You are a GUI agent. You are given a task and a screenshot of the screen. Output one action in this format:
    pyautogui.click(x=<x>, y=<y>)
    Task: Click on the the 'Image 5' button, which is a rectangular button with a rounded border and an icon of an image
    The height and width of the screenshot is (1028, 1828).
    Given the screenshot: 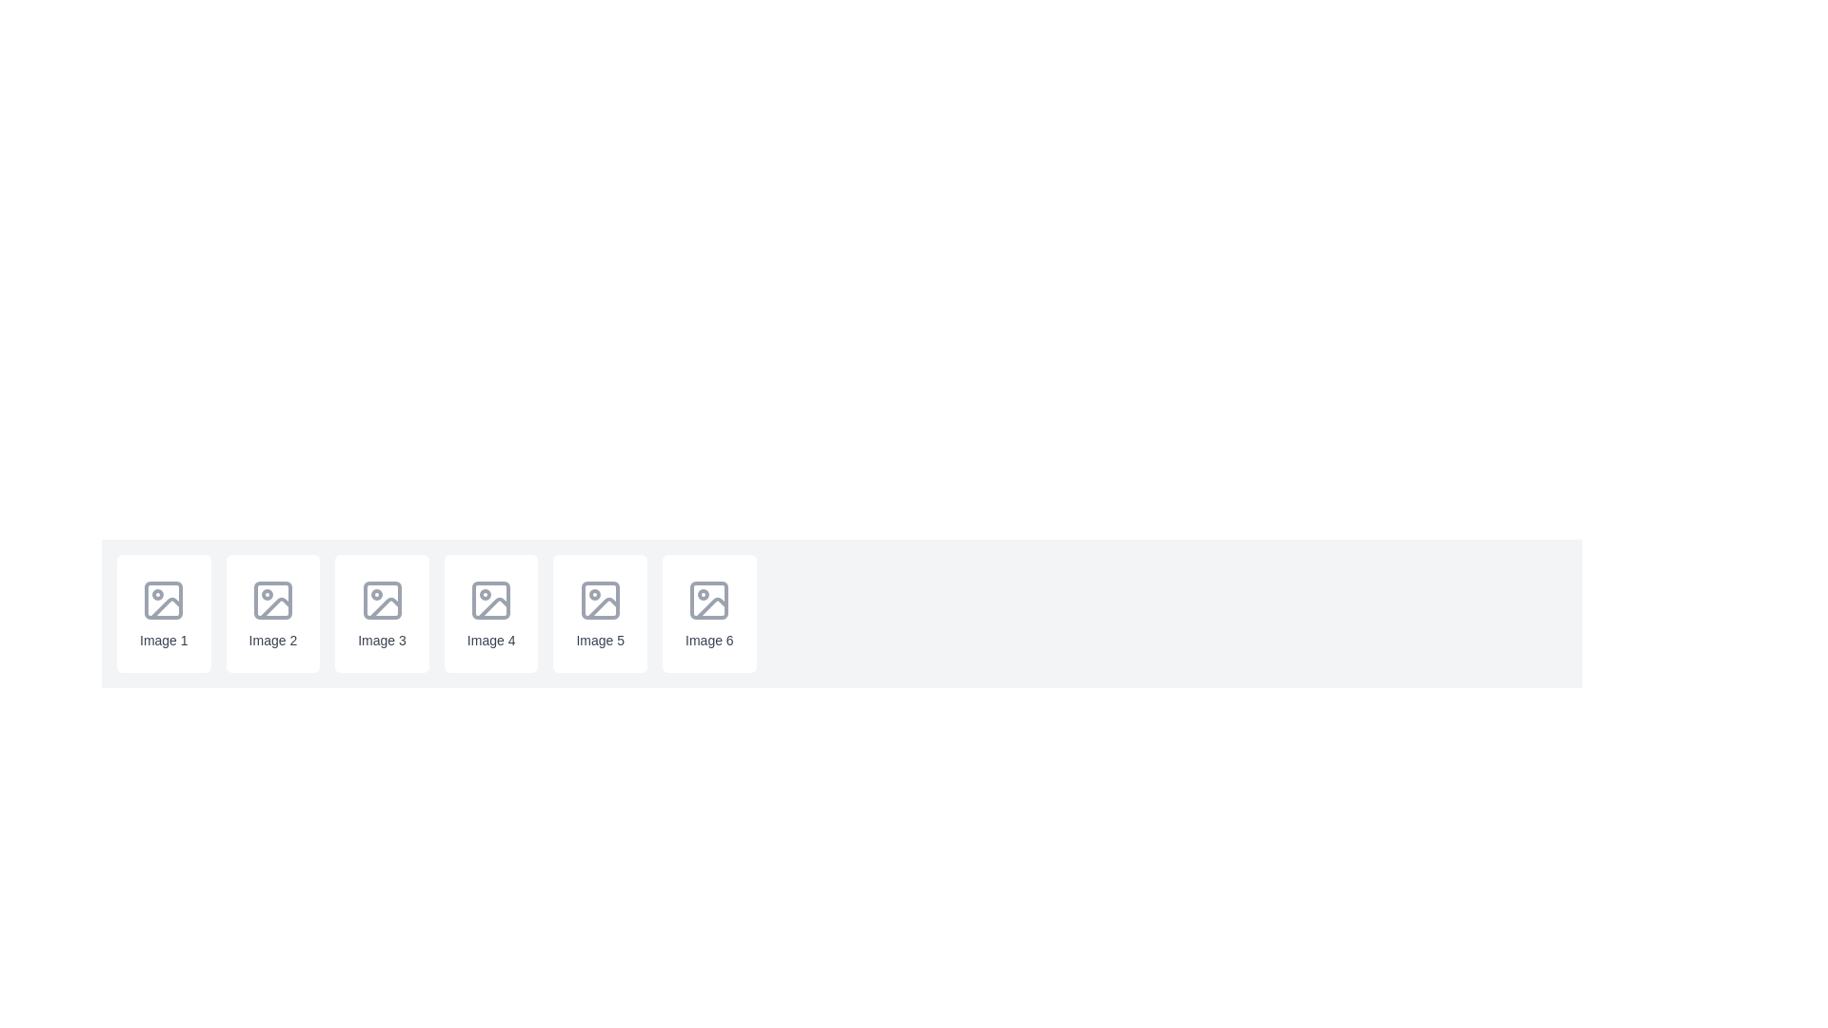 What is the action you would take?
    pyautogui.click(x=599, y=613)
    